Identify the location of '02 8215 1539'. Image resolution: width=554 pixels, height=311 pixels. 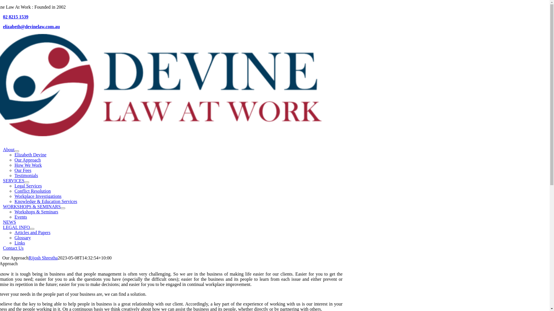
(15, 16).